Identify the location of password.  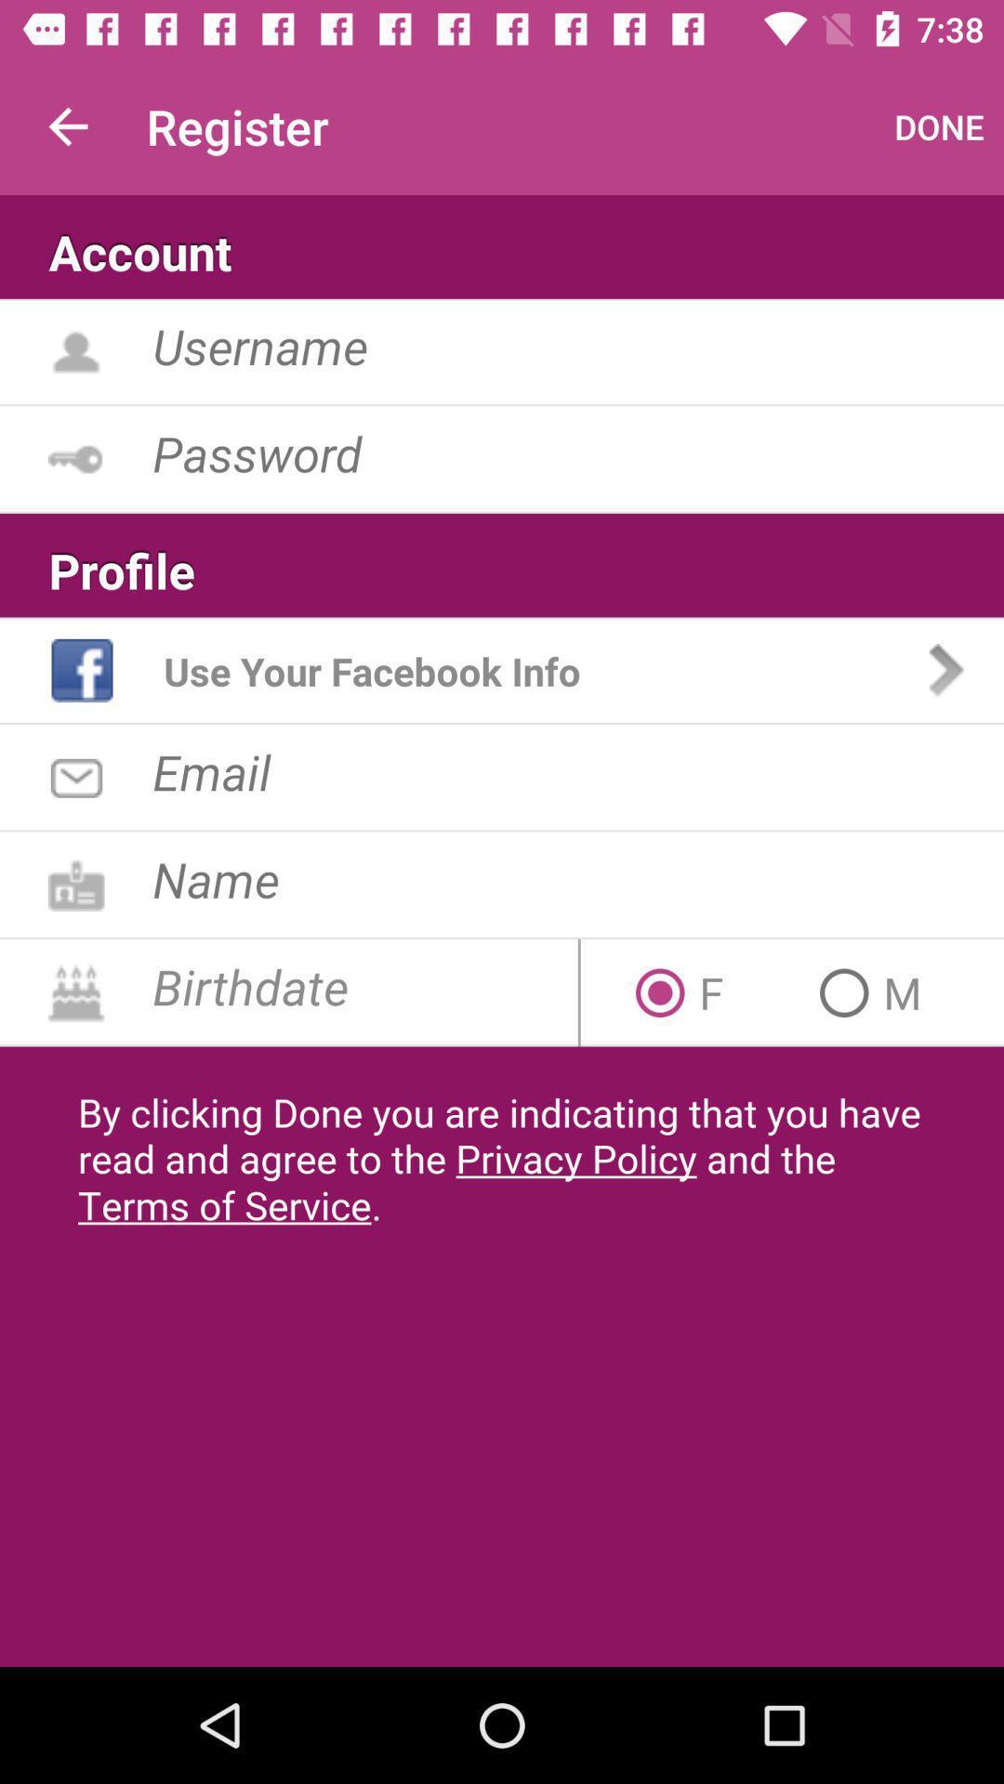
(577, 453).